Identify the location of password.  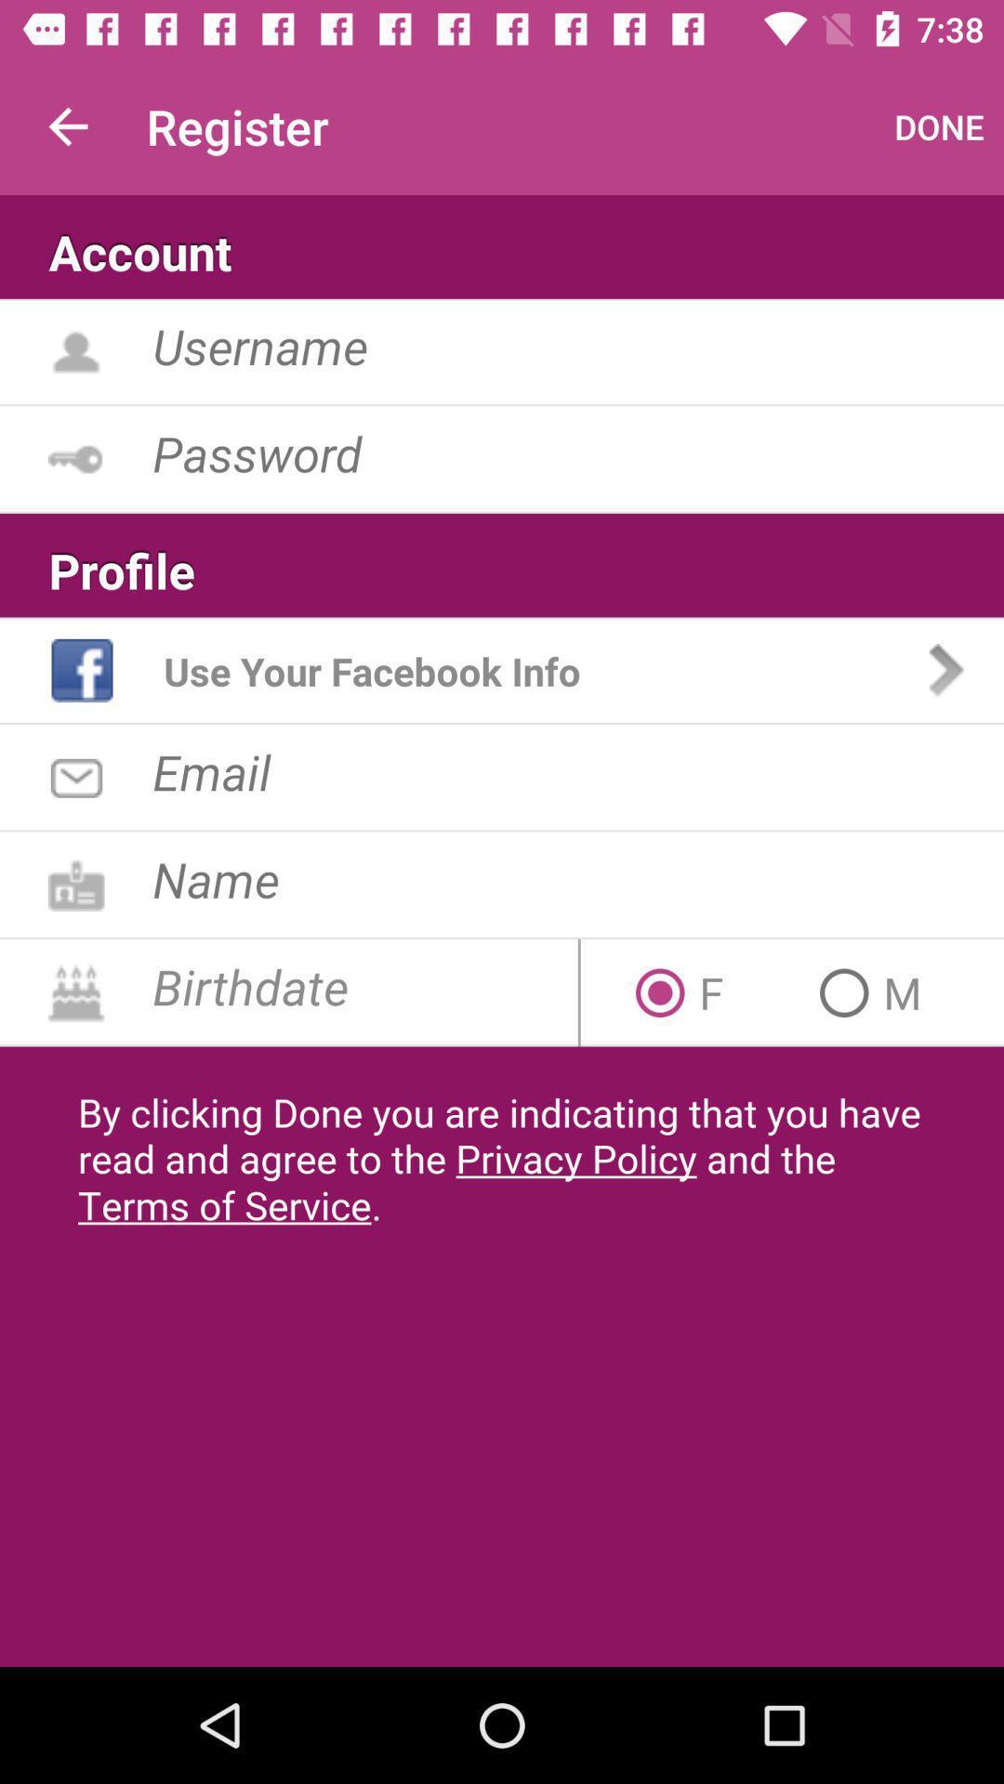
(577, 453).